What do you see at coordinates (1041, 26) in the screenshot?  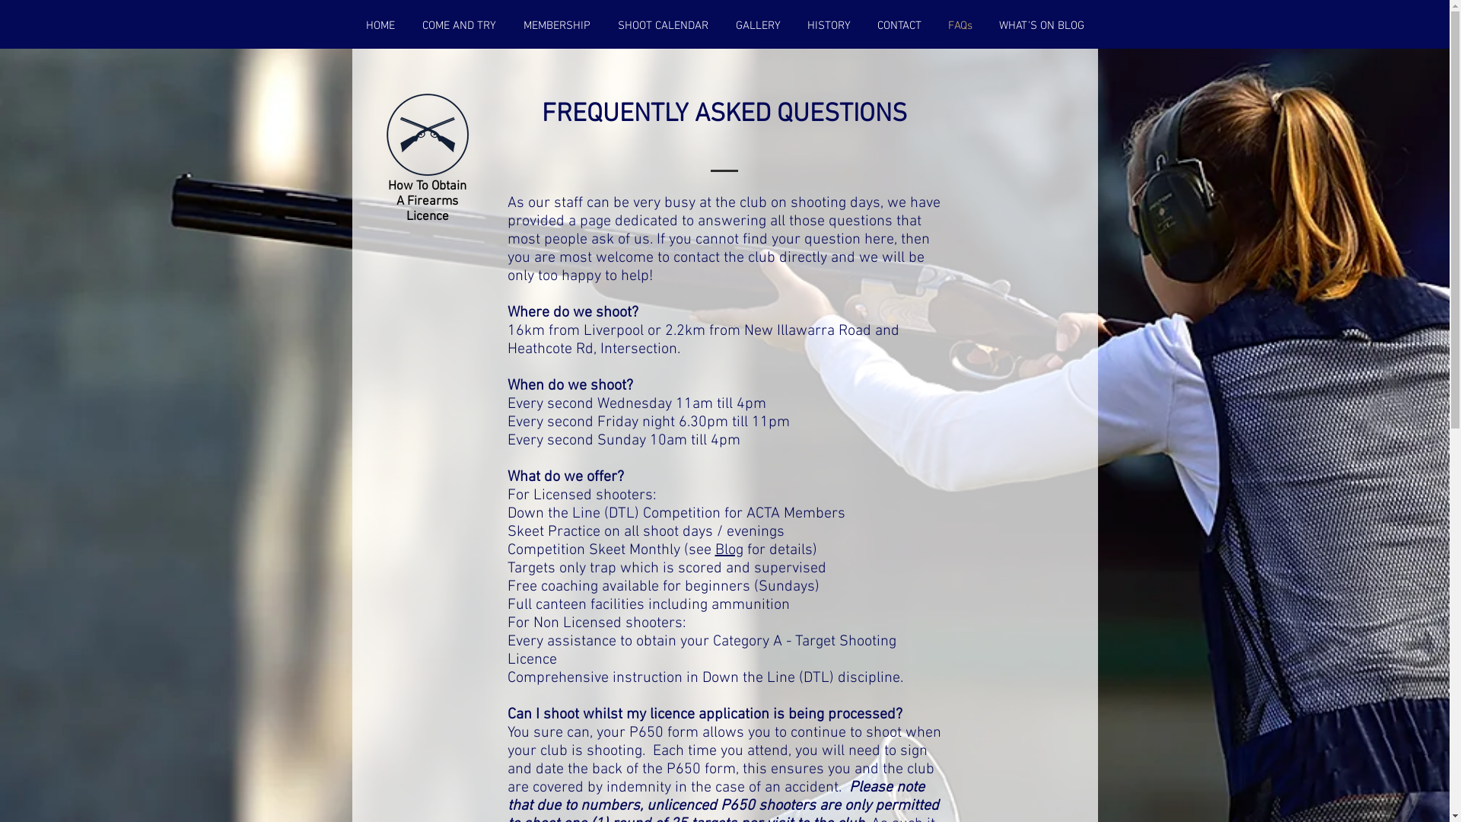 I see `'WHAT'S ON BLOG'` at bounding box center [1041, 26].